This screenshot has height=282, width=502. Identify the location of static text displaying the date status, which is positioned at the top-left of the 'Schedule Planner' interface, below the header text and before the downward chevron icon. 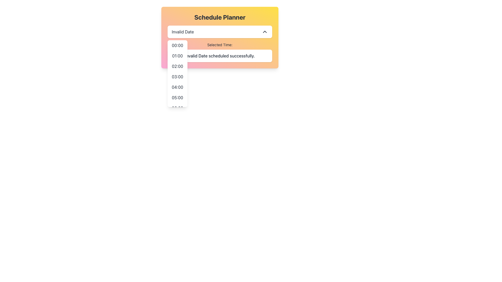
(183, 32).